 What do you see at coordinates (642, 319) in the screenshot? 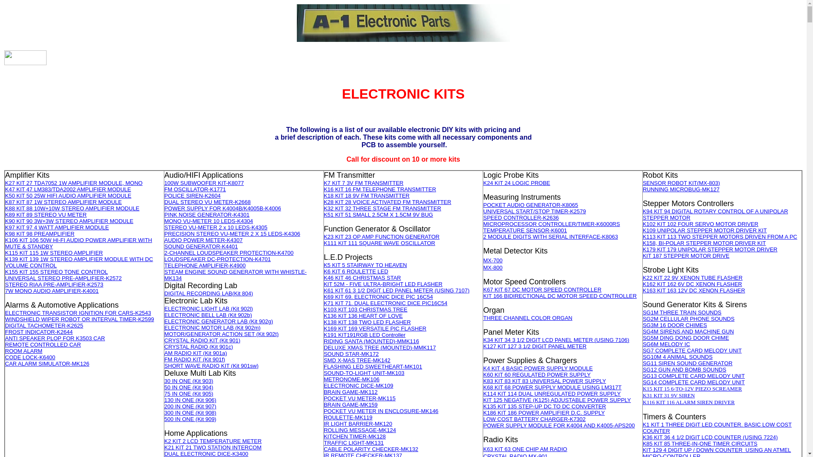
I see `'SG2M CELLULAR PHONE SOUNDS'` at bounding box center [642, 319].